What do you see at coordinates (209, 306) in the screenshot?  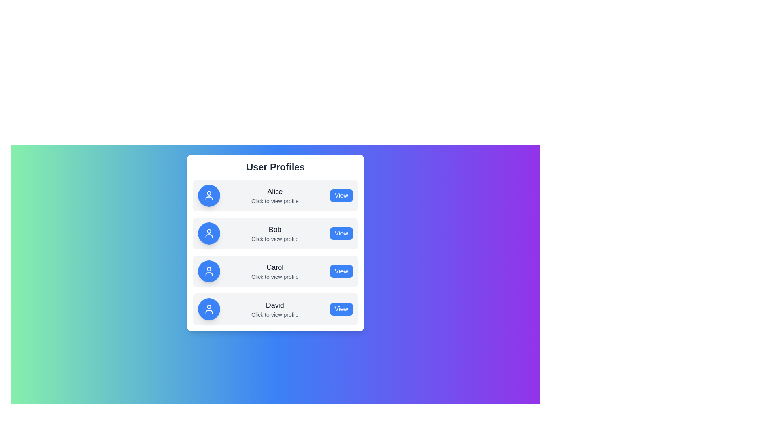 I see `the decorative circular graphic element that forms part of the user icon for the fourth user profile of 'David'` at bounding box center [209, 306].